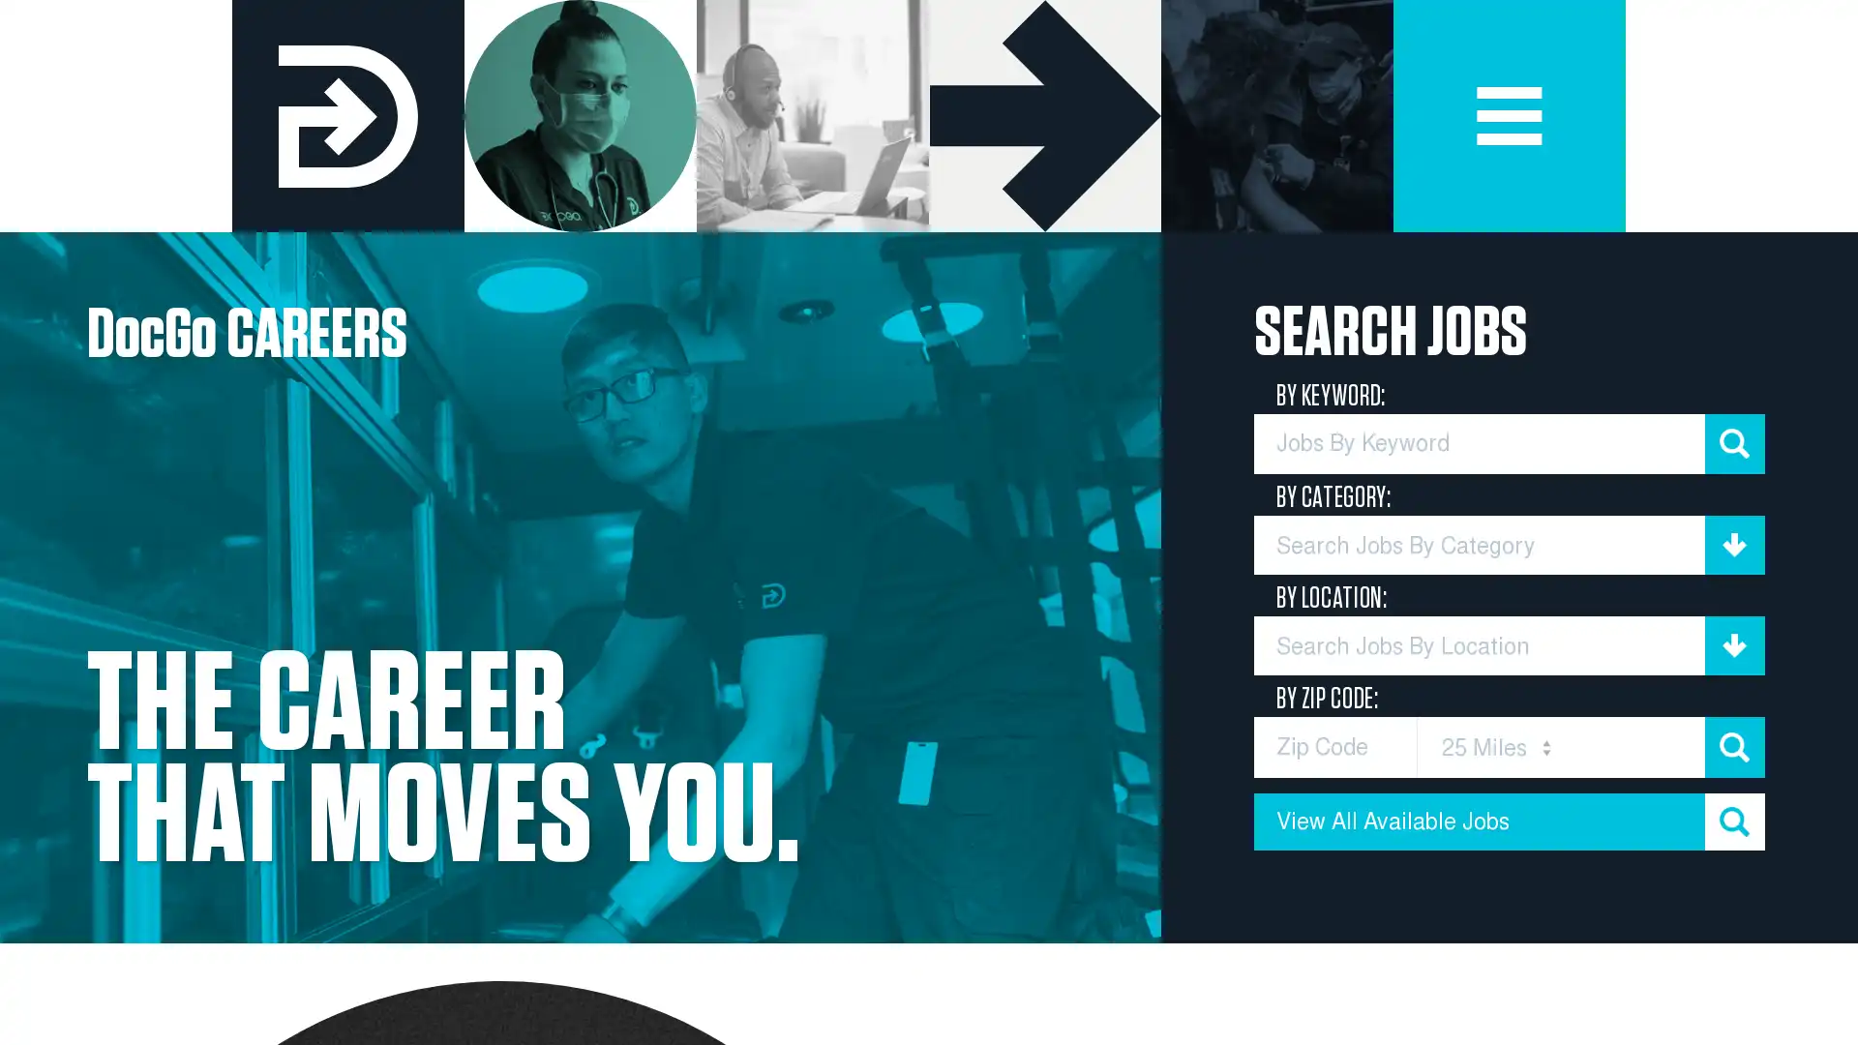 This screenshot has height=1045, width=1858. I want to click on Search Jobs By Category, so click(1509, 545).